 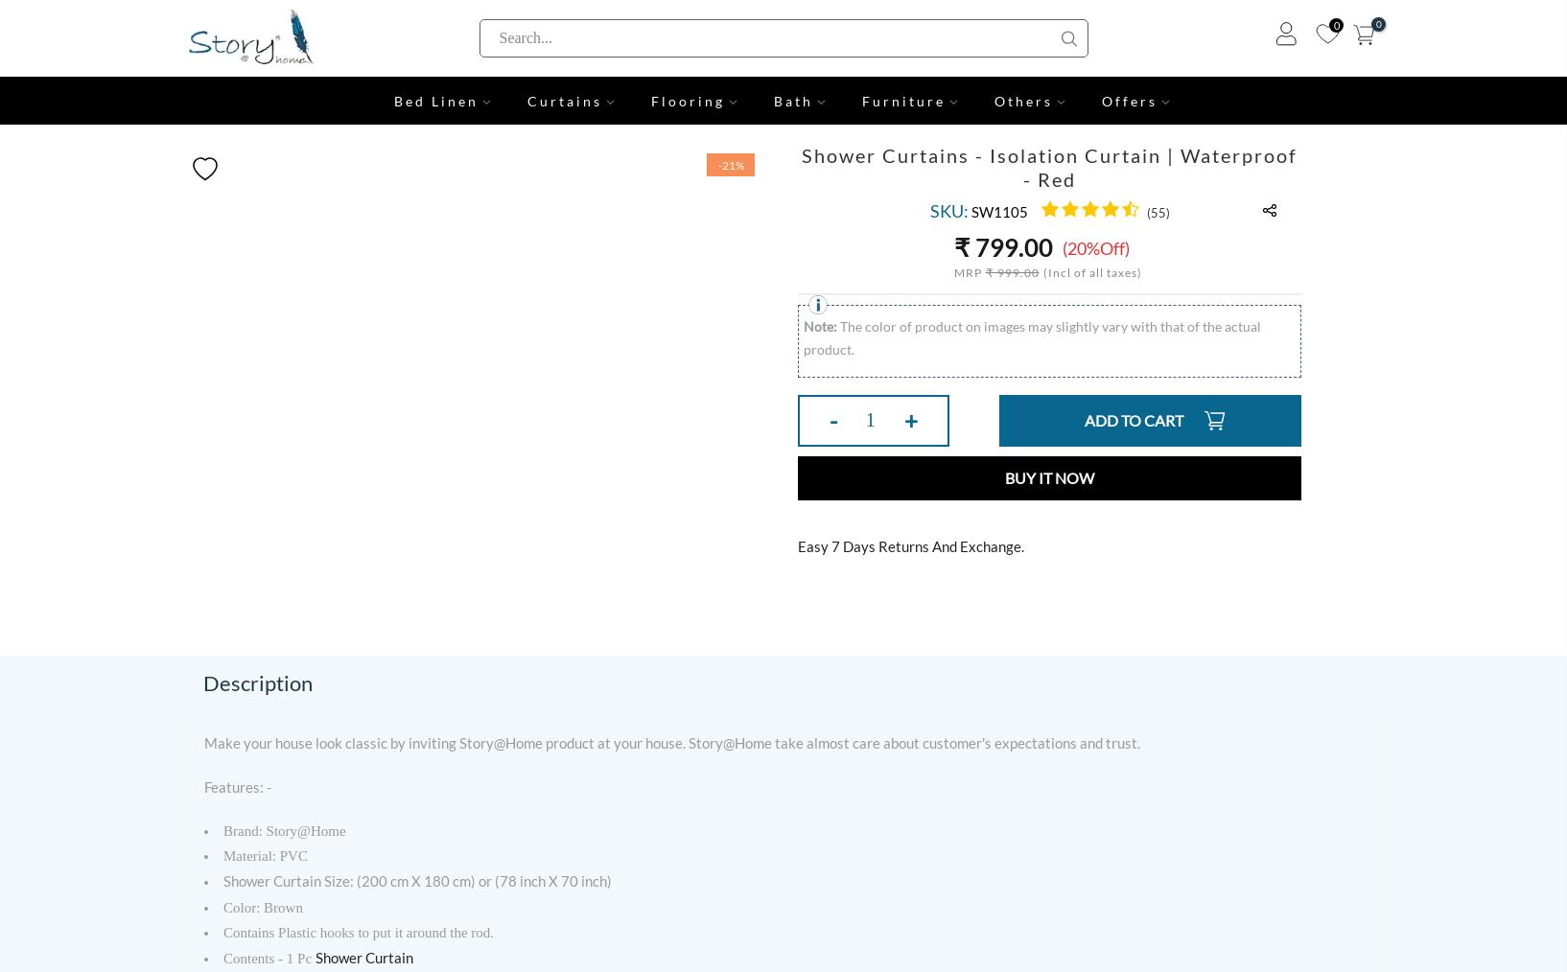 What do you see at coordinates (1011, 271) in the screenshot?
I see `'₹ 999.00'` at bounding box center [1011, 271].